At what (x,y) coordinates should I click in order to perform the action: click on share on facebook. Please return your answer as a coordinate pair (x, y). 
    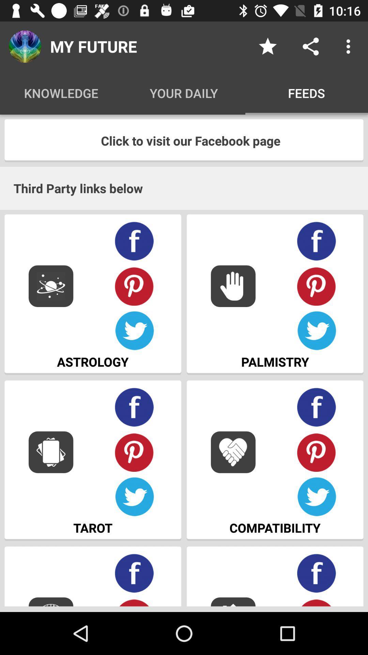
    Looking at the image, I should click on (134, 407).